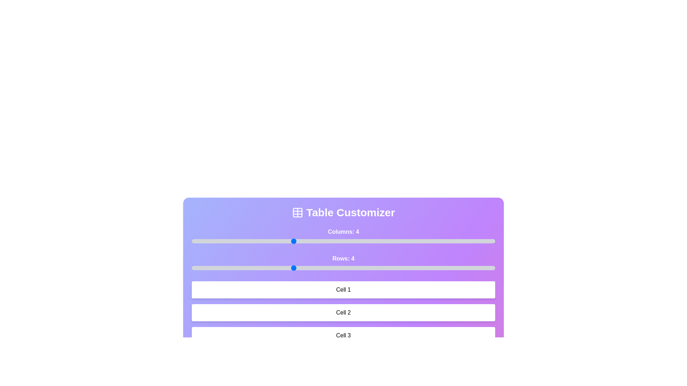  Describe the element at coordinates (242, 241) in the screenshot. I see `the column slider to set the number of columns to 3` at that location.